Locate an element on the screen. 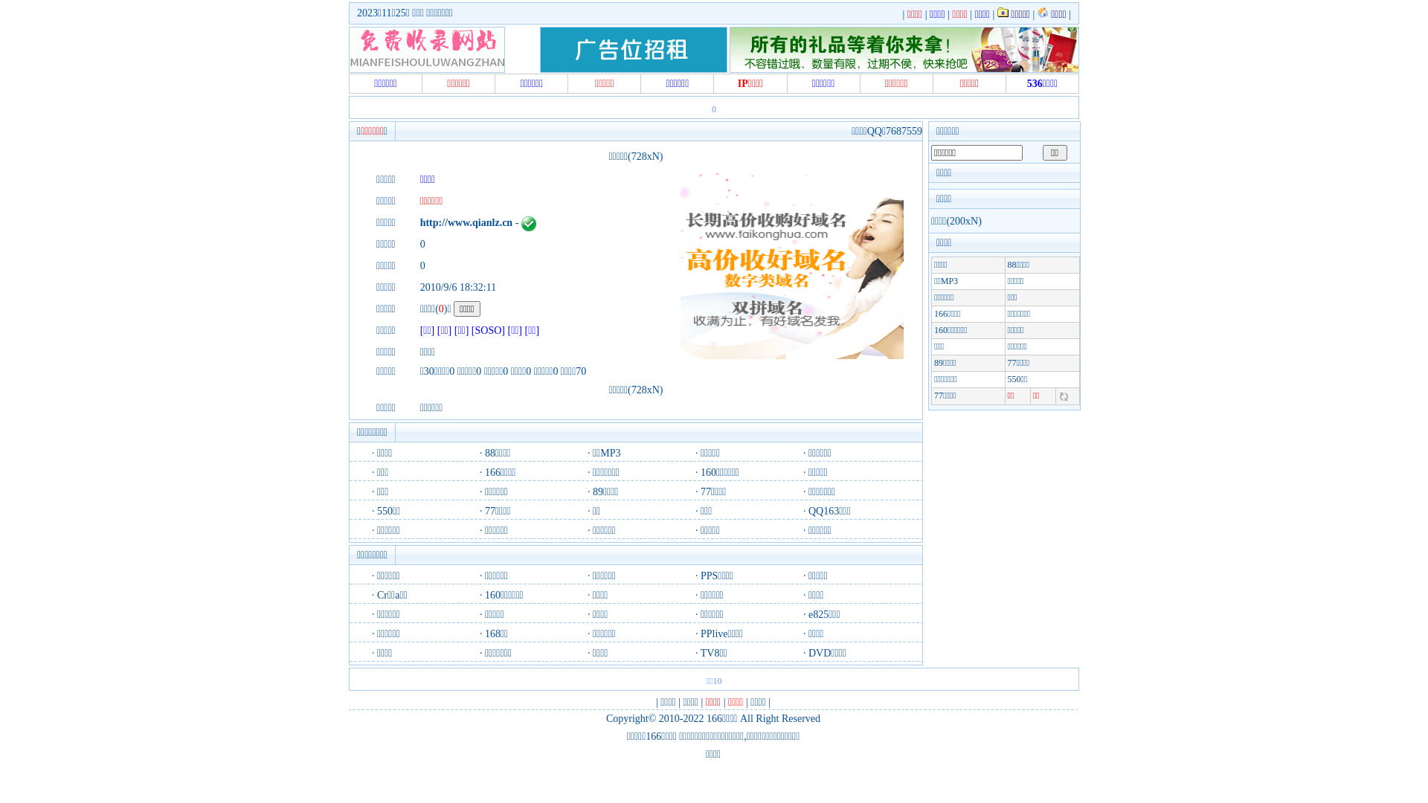  'http://www.qianlz.cn' is located at coordinates (419, 222).